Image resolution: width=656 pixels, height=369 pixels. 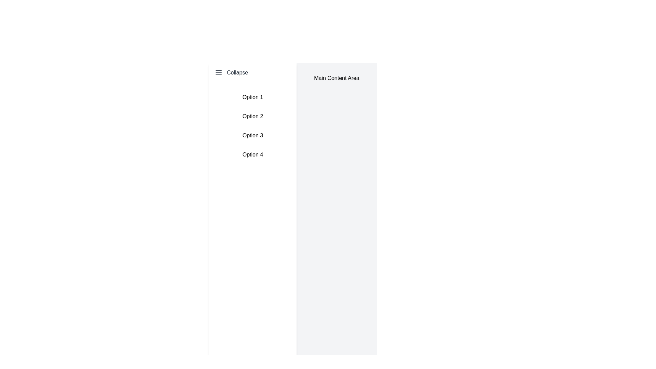 I want to click on the small three-horizontal-line 'menu' icon located at the top-left corner of the interface, directly to the left of the 'Collapse' text for accessibility, so click(x=218, y=72).